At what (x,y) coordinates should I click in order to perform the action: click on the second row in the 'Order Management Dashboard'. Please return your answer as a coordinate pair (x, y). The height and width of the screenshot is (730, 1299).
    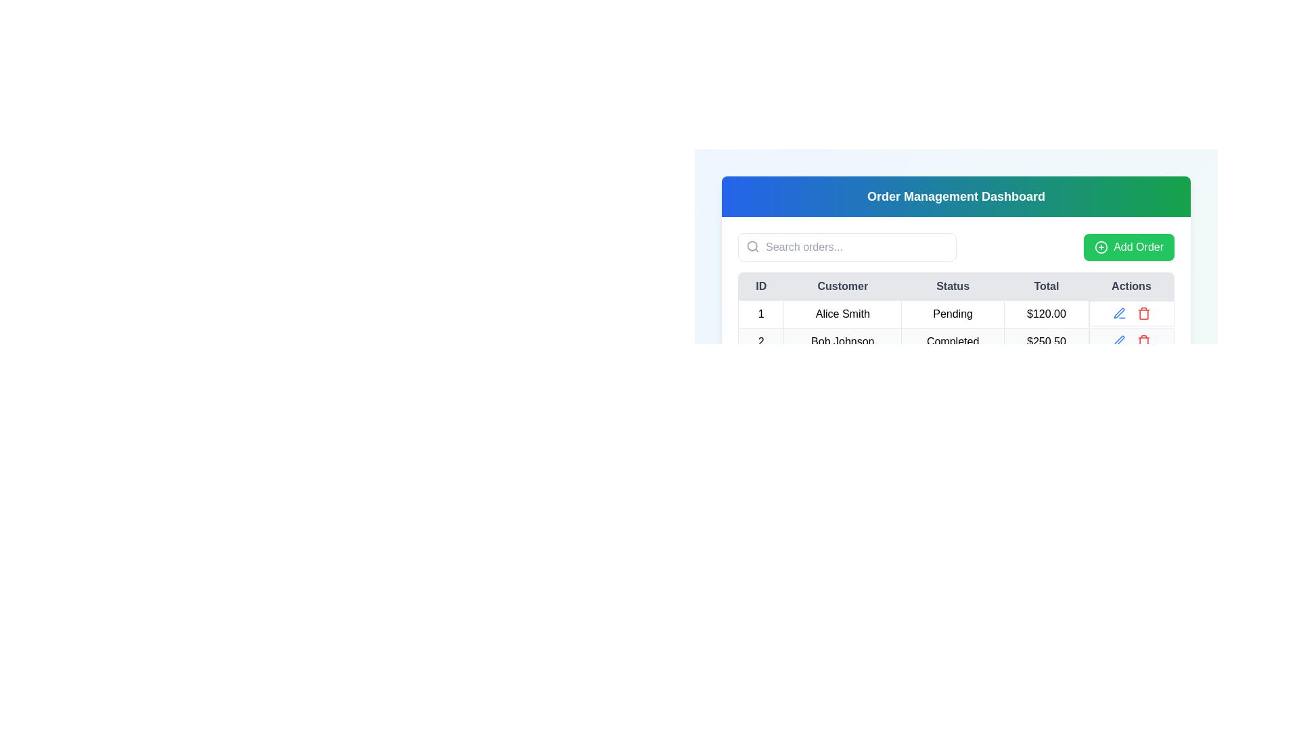
    Looking at the image, I should click on (955, 341).